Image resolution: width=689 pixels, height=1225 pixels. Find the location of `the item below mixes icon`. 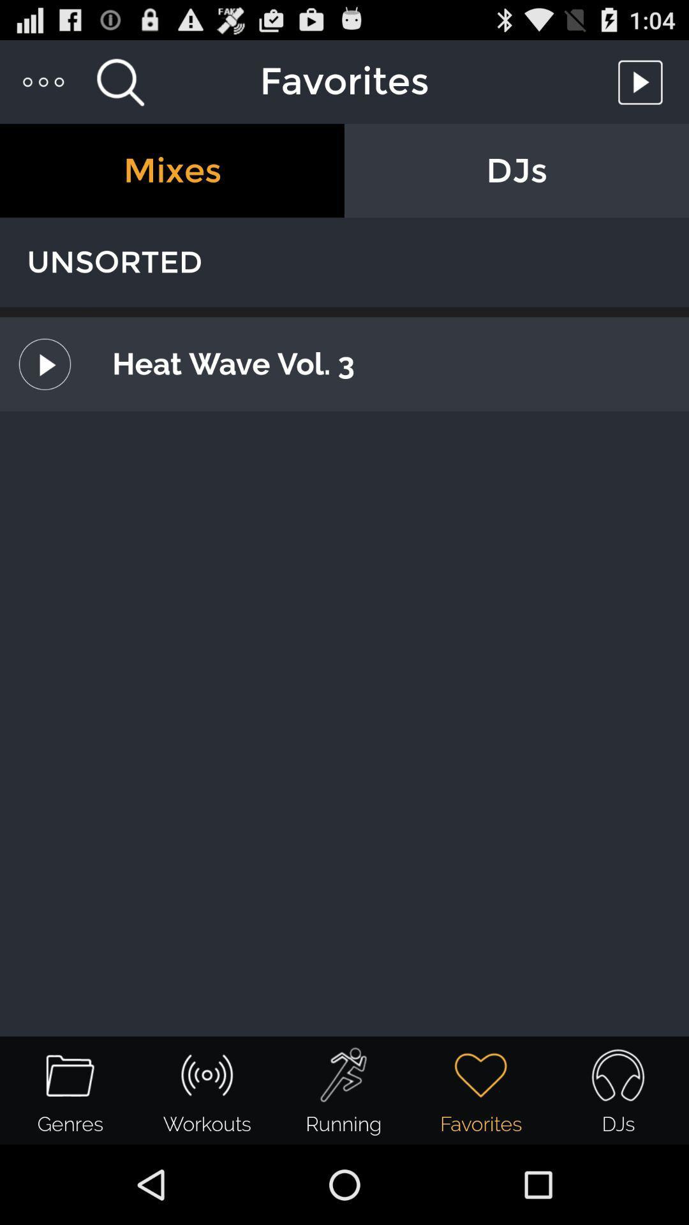

the item below mixes icon is located at coordinates (344, 262).